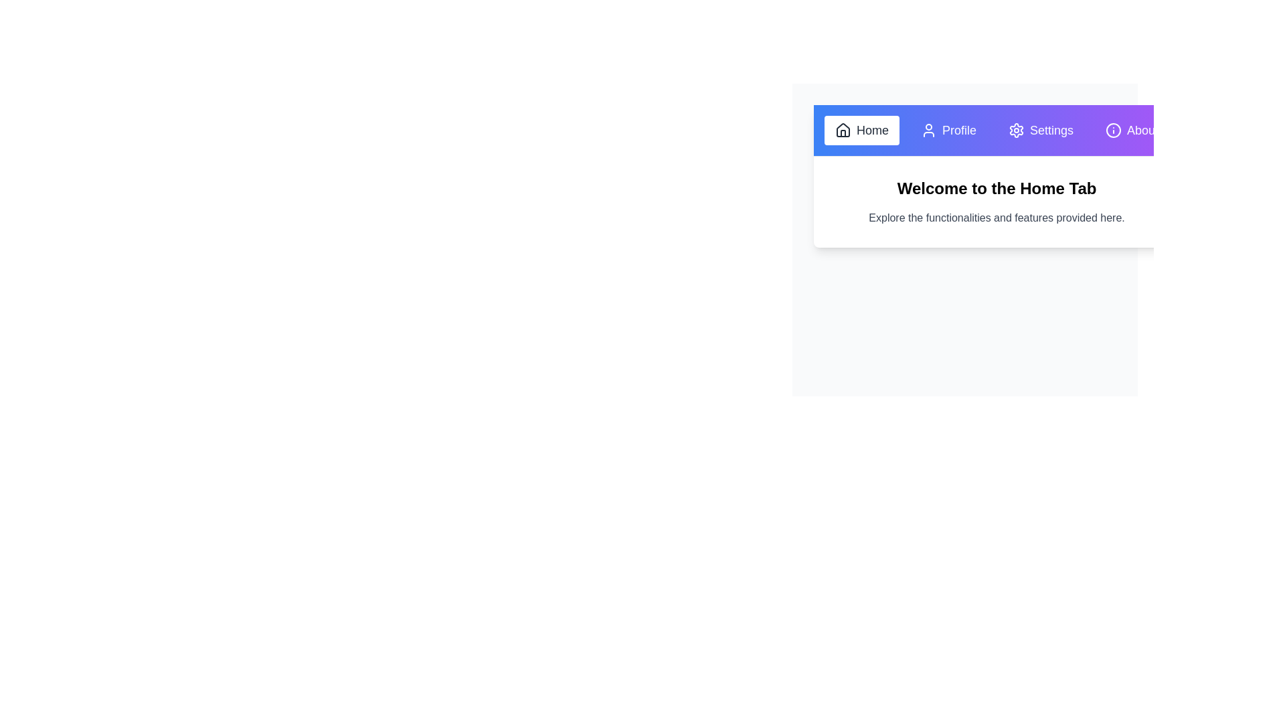  What do you see at coordinates (1131, 131) in the screenshot?
I see `the navigational button located in the top right corner of the header` at bounding box center [1131, 131].